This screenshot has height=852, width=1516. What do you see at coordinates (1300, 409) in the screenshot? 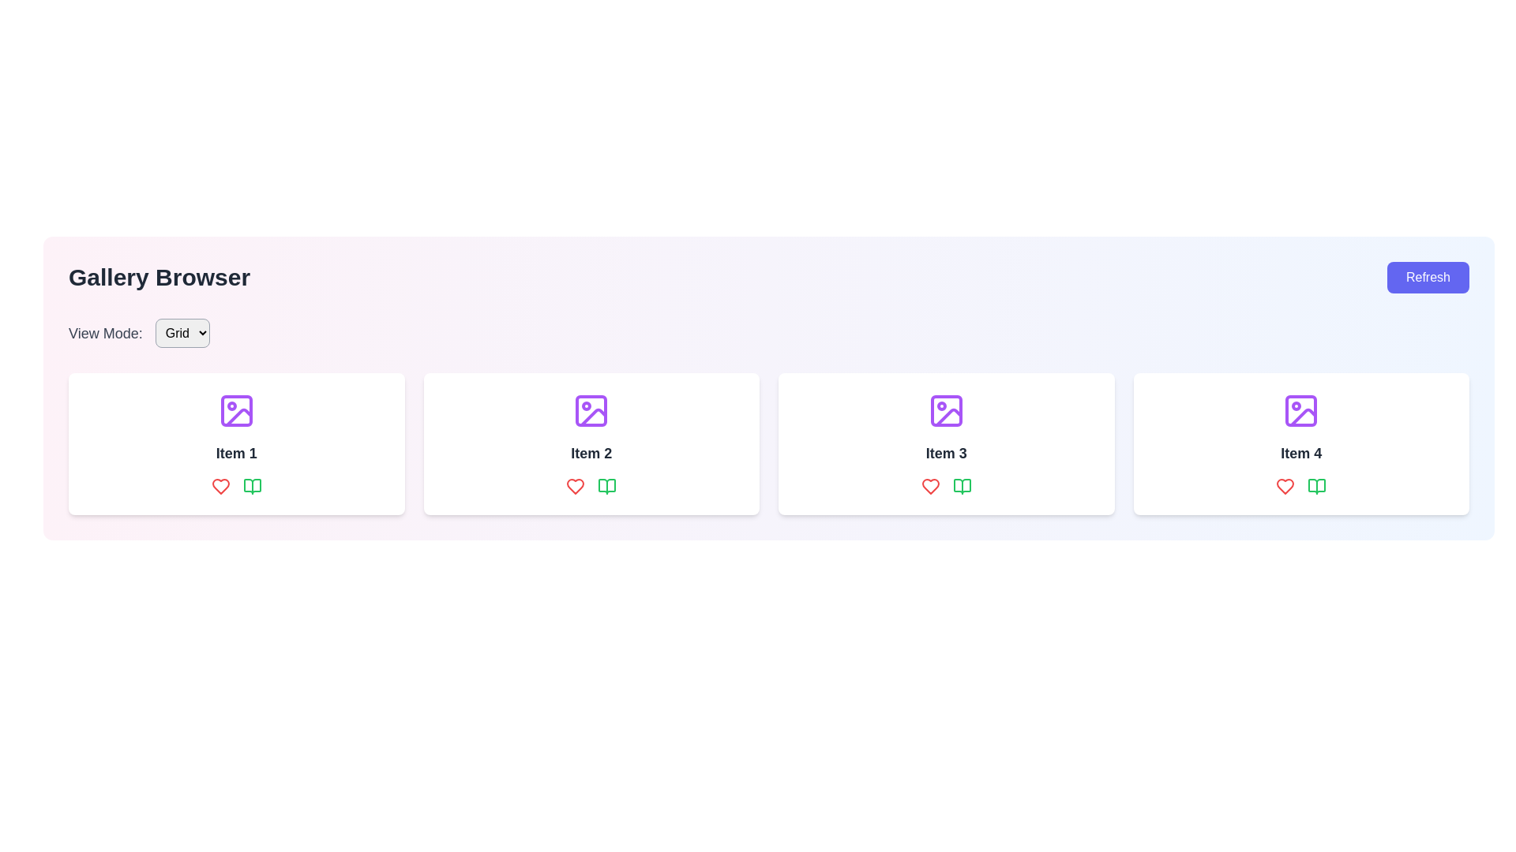
I see `purple rectangle icon with rounded corners located within the fourth item of the gallery browser for debugging purposes` at bounding box center [1300, 409].